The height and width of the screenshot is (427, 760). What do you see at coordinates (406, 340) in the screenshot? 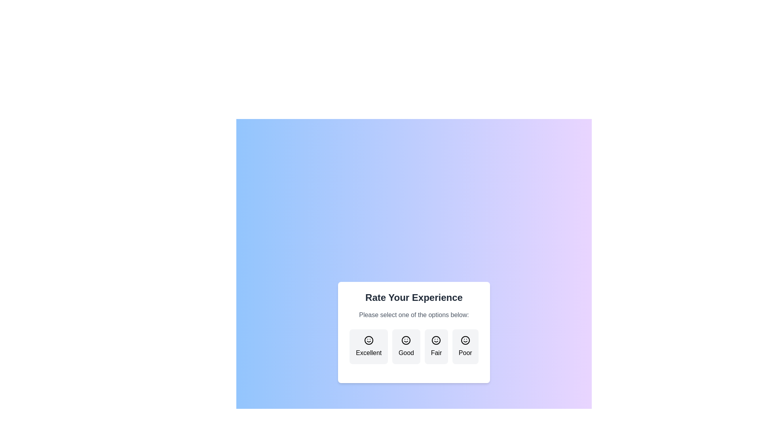
I see `the 'Good' rating icon located in the second option of the horizontal list under 'Rate Your Experience.'` at bounding box center [406, 340].